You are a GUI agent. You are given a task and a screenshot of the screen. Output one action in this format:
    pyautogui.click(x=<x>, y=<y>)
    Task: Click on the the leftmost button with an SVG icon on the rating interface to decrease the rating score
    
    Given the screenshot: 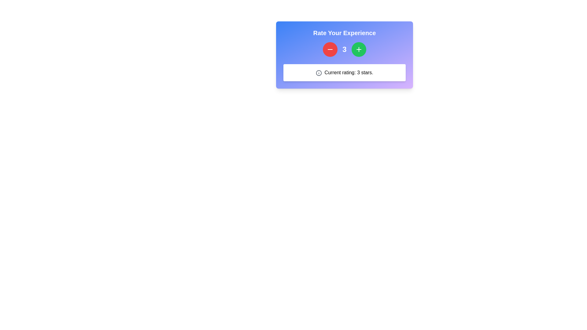 What is the action you would take?
    pyautogui.click(x=330, y=49)
    